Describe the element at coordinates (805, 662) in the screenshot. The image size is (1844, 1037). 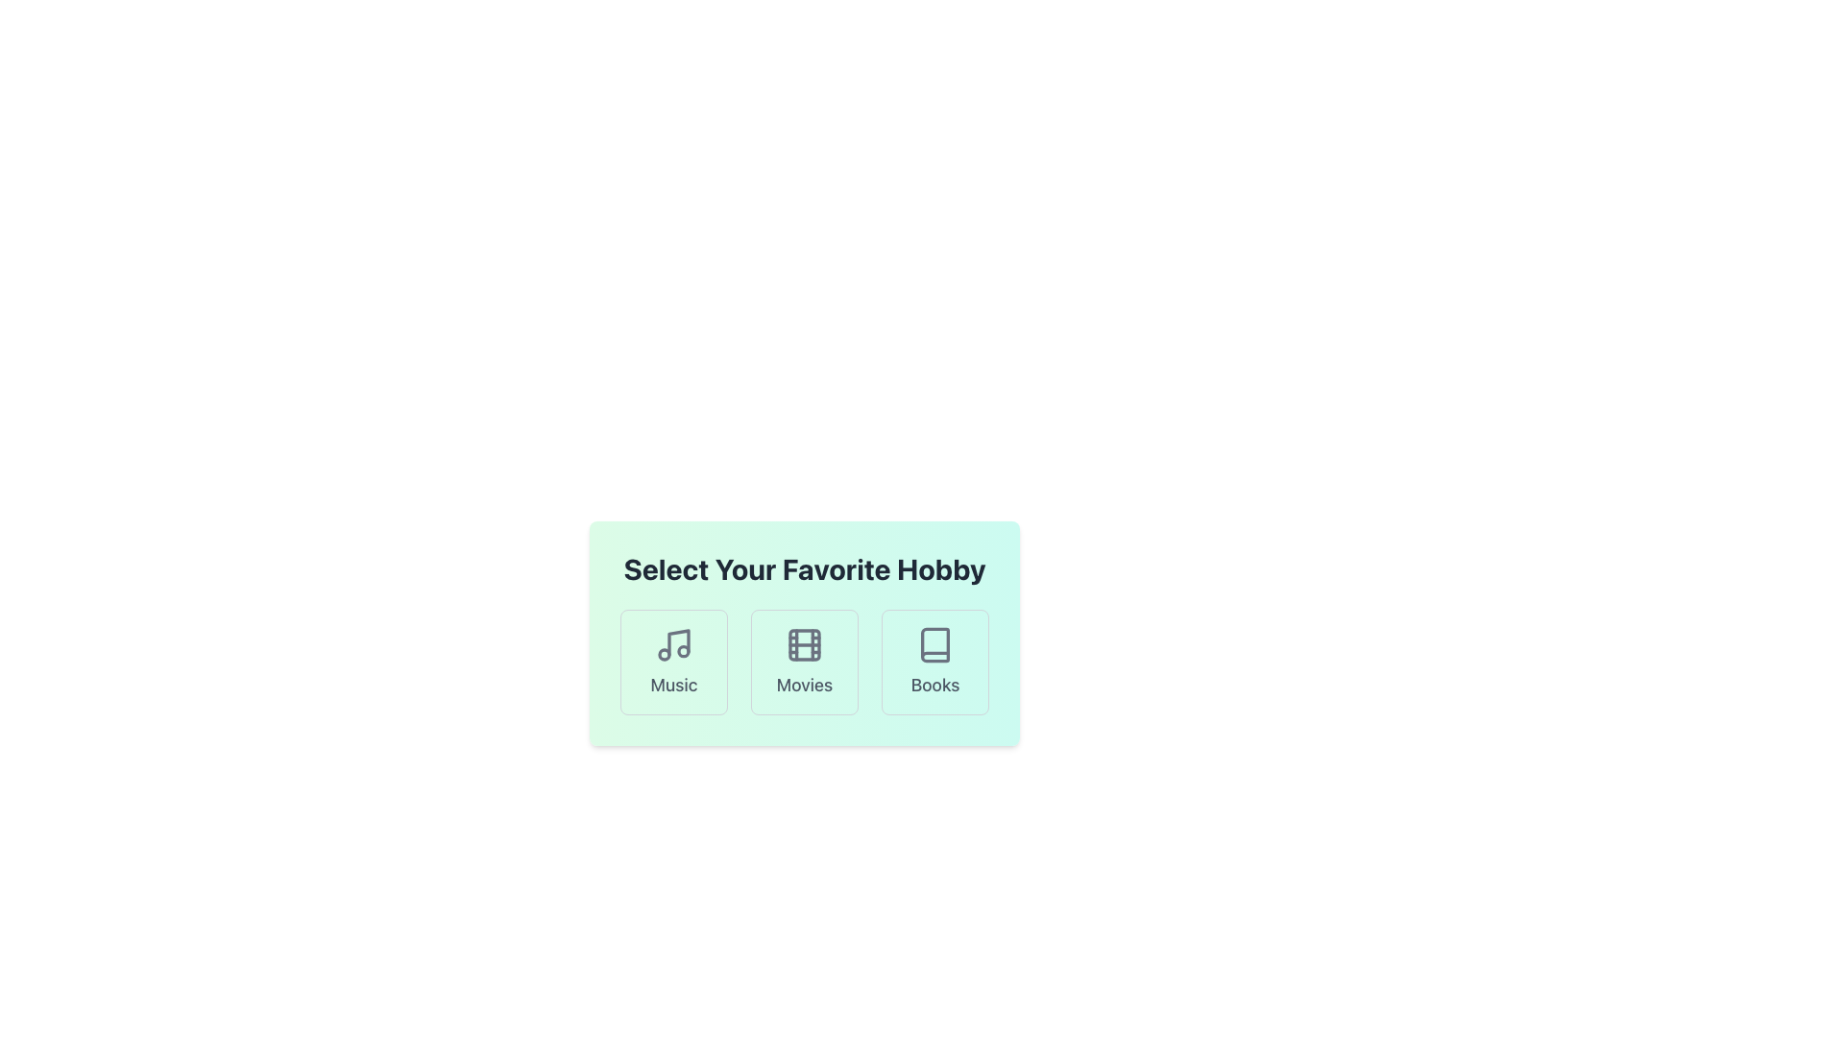
I see `the 'Movies' radio button` at that location.